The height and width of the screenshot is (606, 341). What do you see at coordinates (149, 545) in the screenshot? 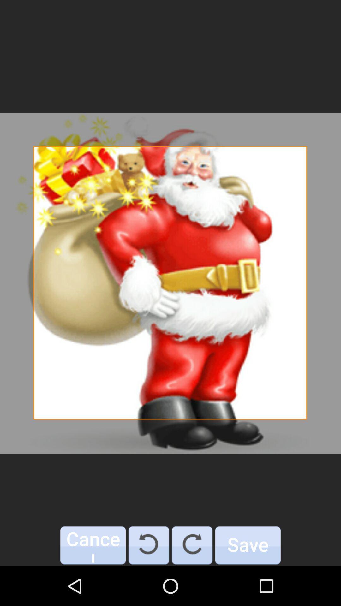
I see `the refresh icon` at bounding box center [149, 545].